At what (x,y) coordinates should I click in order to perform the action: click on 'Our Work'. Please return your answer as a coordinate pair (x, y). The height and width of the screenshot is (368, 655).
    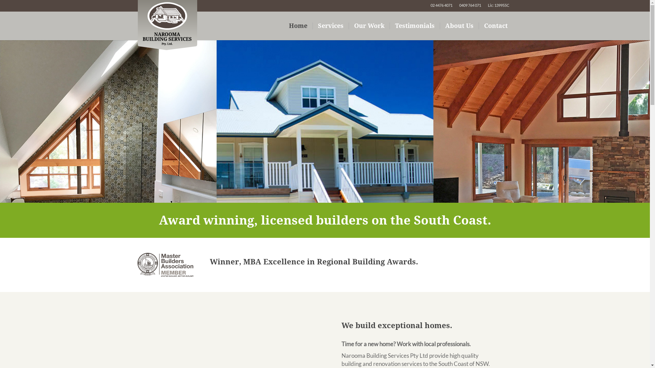
    Looking at the image, I should click on (368, 26).